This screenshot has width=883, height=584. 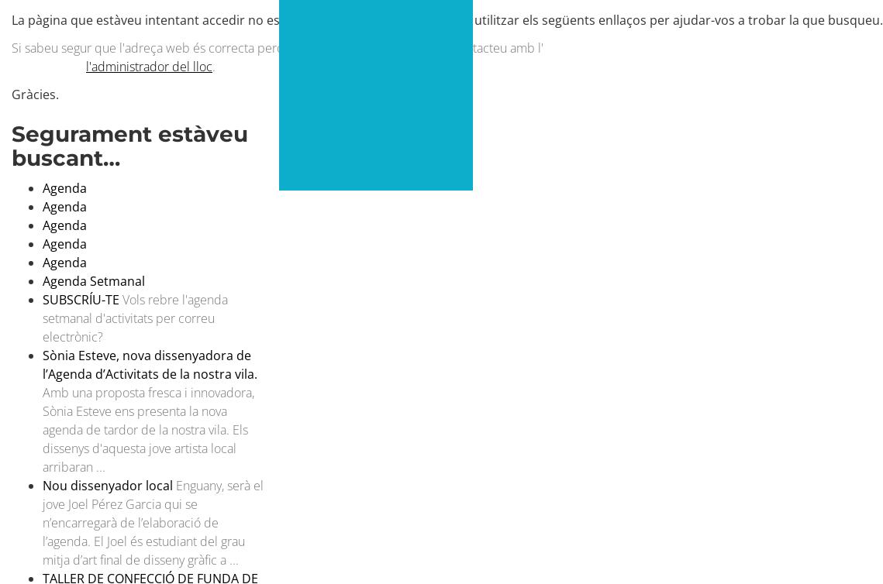 What do you see at coordinates (43, 430) in the screenshot?
I see `'Amb una proposta fresca i innovadora, Sònia Esteve ens presenta la nova agenda de tardor de la nostra vila. Els dissenys d'aquesta jove artista local arribaran ...'` at bounding box center [43, 430].